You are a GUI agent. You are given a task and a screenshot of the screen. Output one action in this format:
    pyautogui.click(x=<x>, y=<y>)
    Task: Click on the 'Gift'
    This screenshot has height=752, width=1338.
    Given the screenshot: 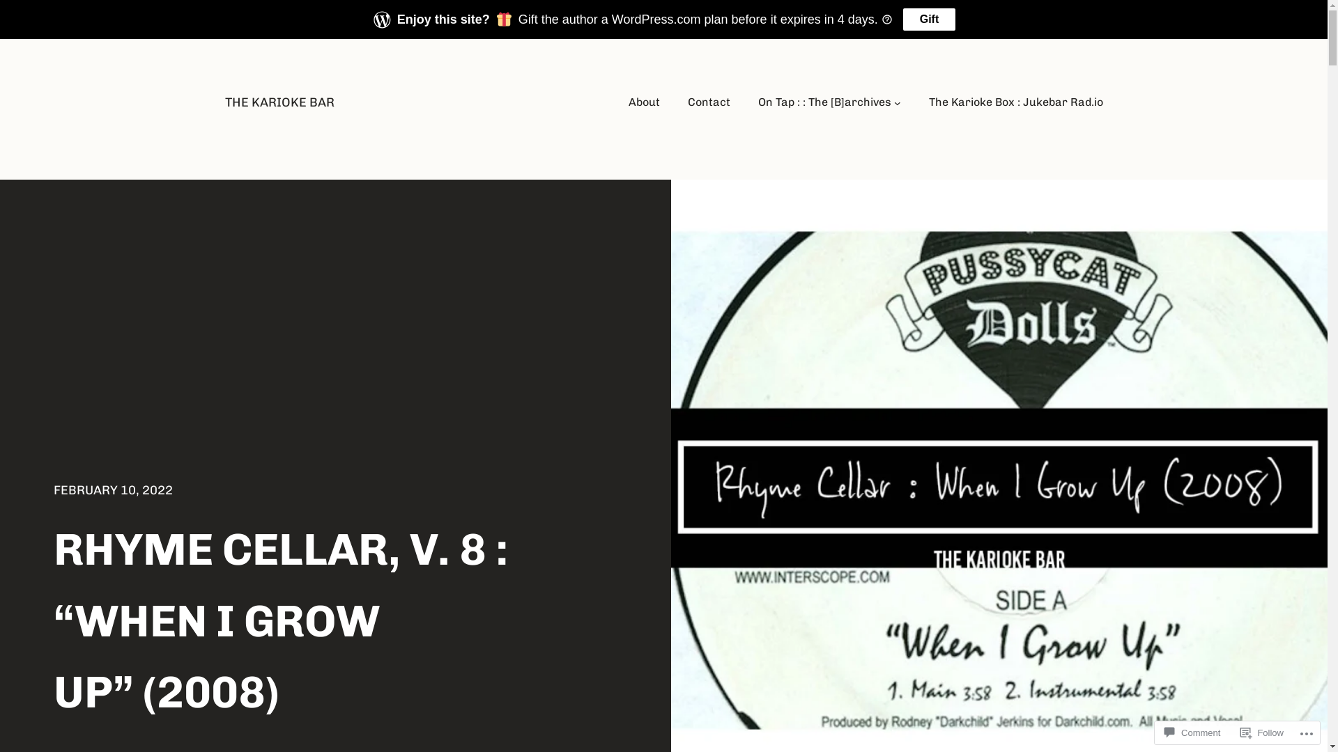 What is the action you would take?
    pyautogui.click(x=903, y=19)
    